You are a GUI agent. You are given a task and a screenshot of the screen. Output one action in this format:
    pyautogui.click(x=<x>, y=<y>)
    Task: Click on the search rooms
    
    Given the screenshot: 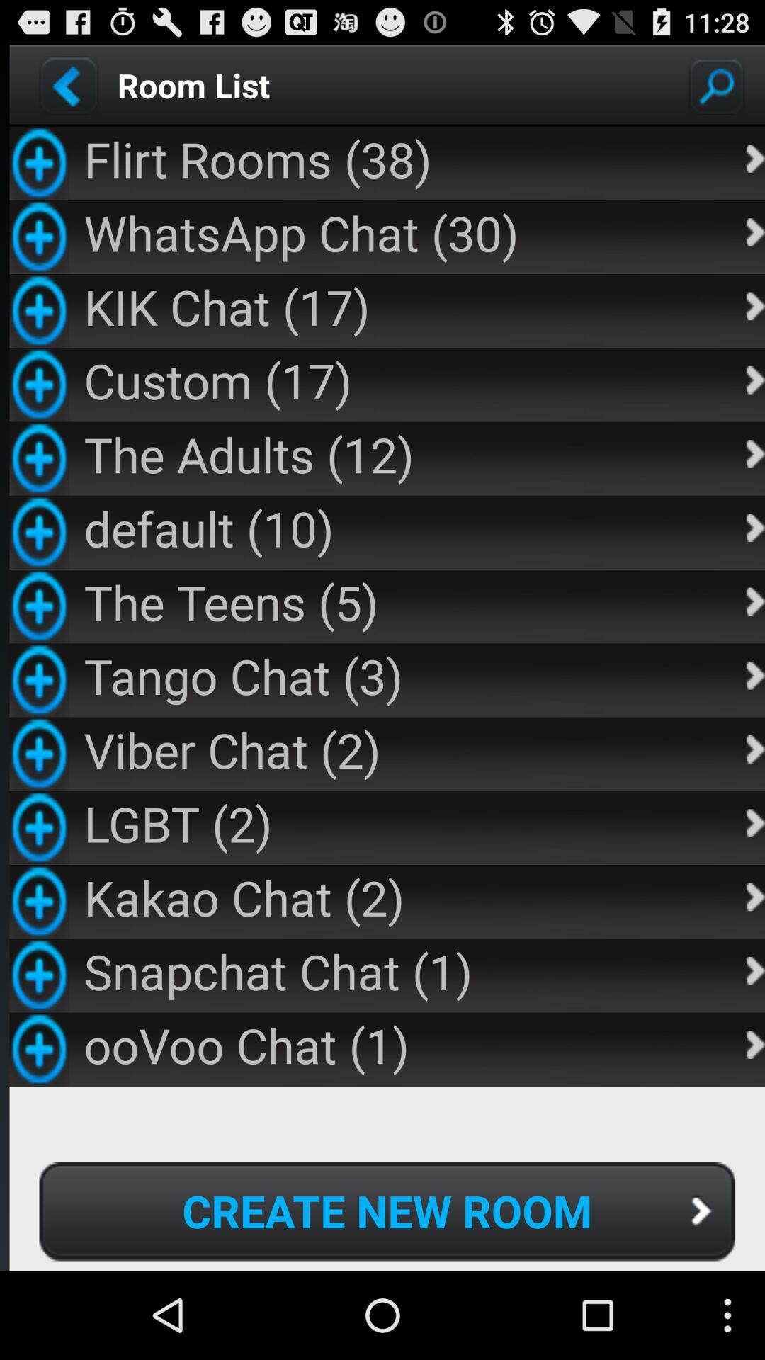 What is the action you would take?
    pyautogui.click(x=716, y=84)
    